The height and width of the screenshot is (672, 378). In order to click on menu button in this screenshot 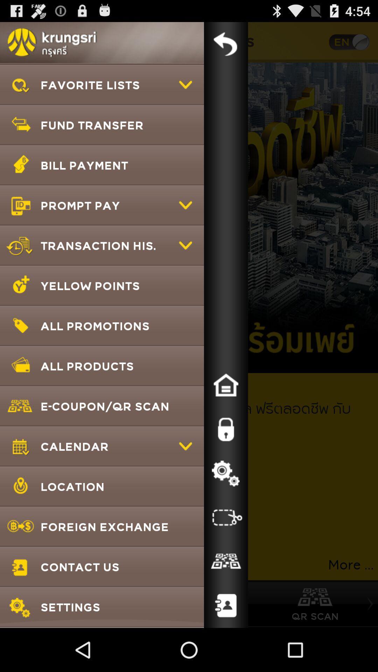, I will do `click(226, 43)`.